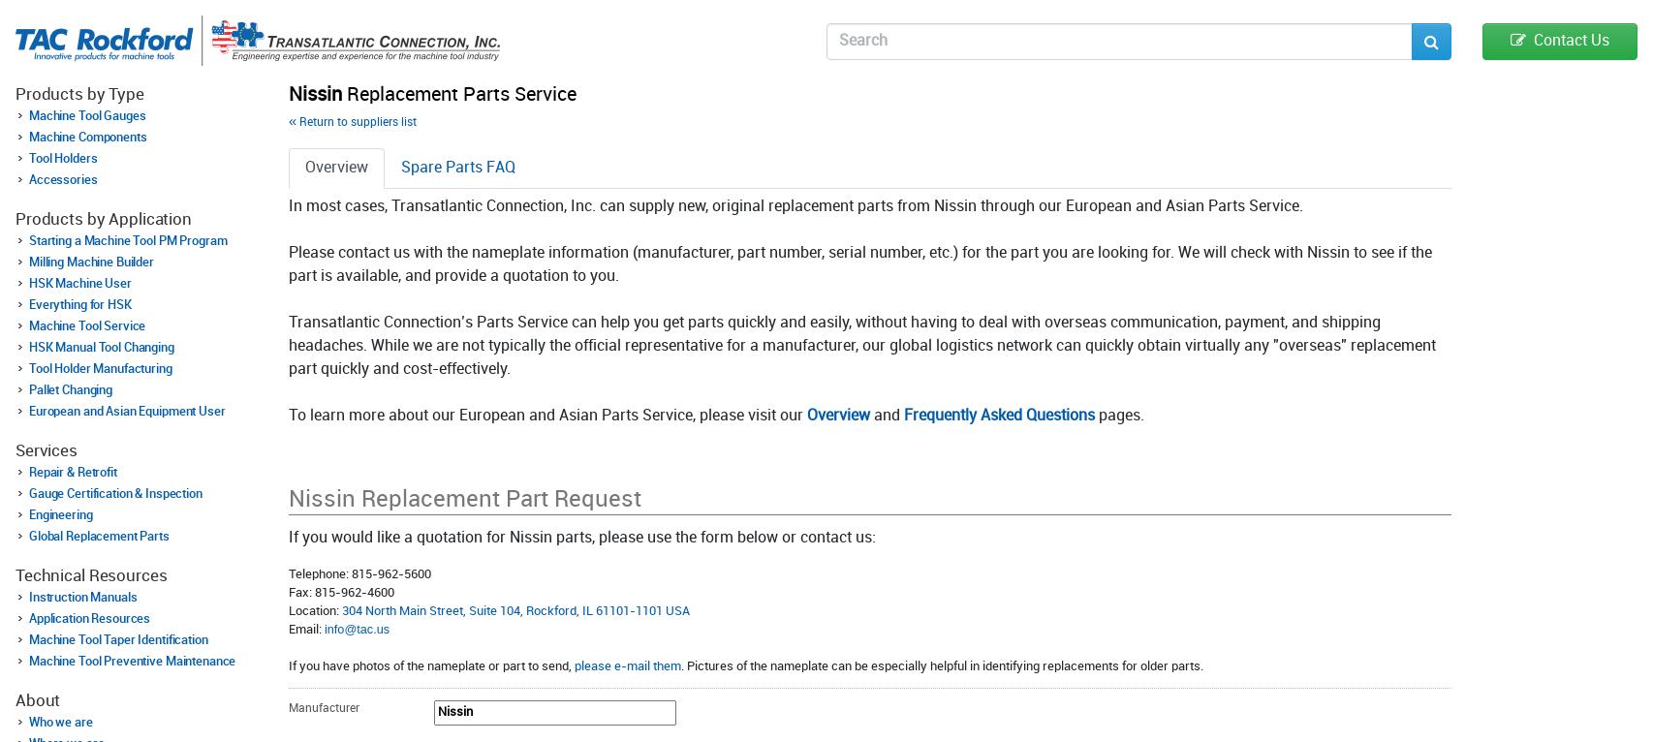 Image resolution: width=1653 pixels, height=742 pixels. What do you see at coordinates (862, 346) in the screenshot?
I see `'Transatlantic Connection’s Parts Service can help you get parts quickly and easily, 
		  without having to deal with overseas communication, payment, and shipping headaches. 
		  While we are not typically the official representative for a manufacturer, 
		  our global logistics network can quickly obtain virtually any "overseas" 
		  replacement part quickly and cost-effectively.'` at bounding box center [862, 346].